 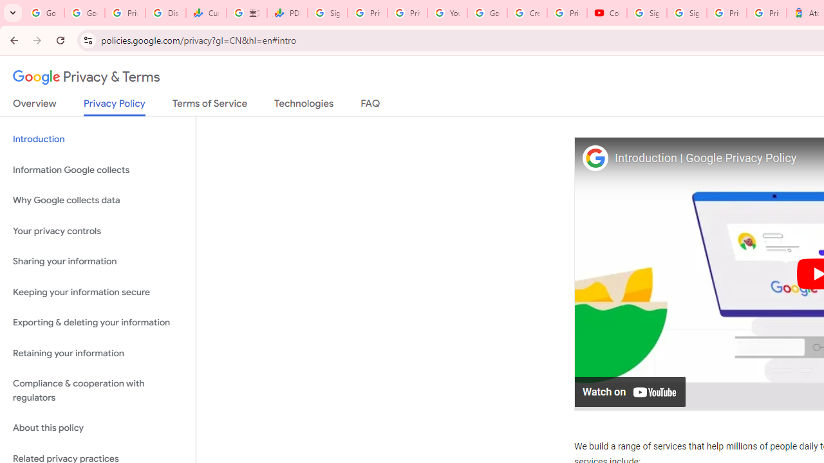 What do you see at coordinates (487, 13) in the screenshot?
I see `'Google Account Help'` at bounding box center [487, 13].